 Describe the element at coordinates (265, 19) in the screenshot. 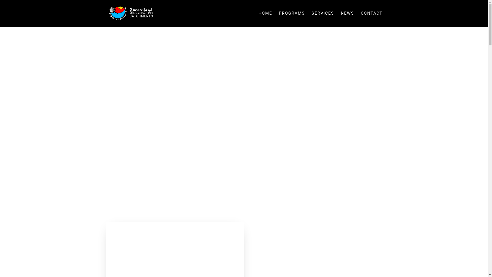

I see `'HOME'` at that location.